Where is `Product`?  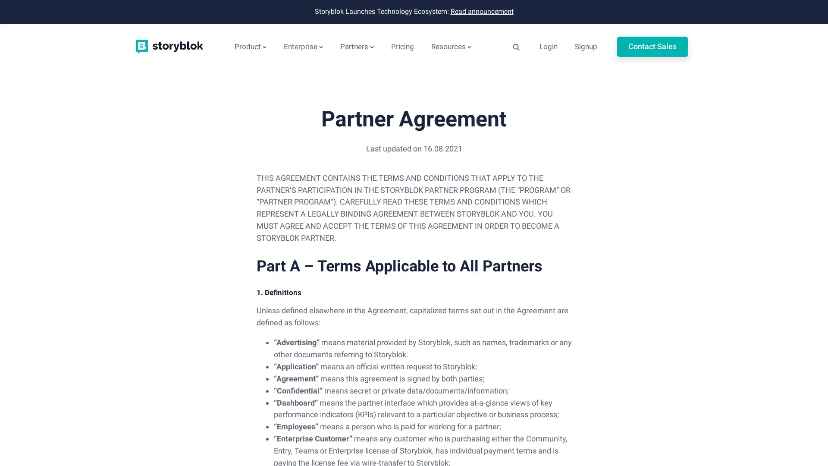 Product is located at coordinates (250, 47).